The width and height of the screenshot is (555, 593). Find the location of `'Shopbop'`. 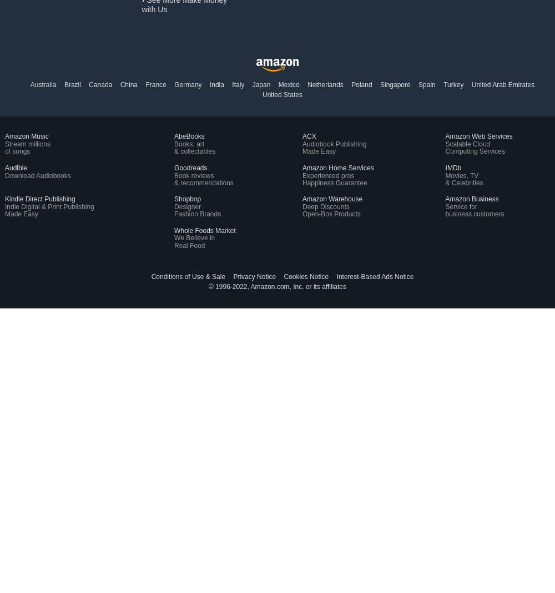

'Shopbop' is located at coordinates (174, 199).